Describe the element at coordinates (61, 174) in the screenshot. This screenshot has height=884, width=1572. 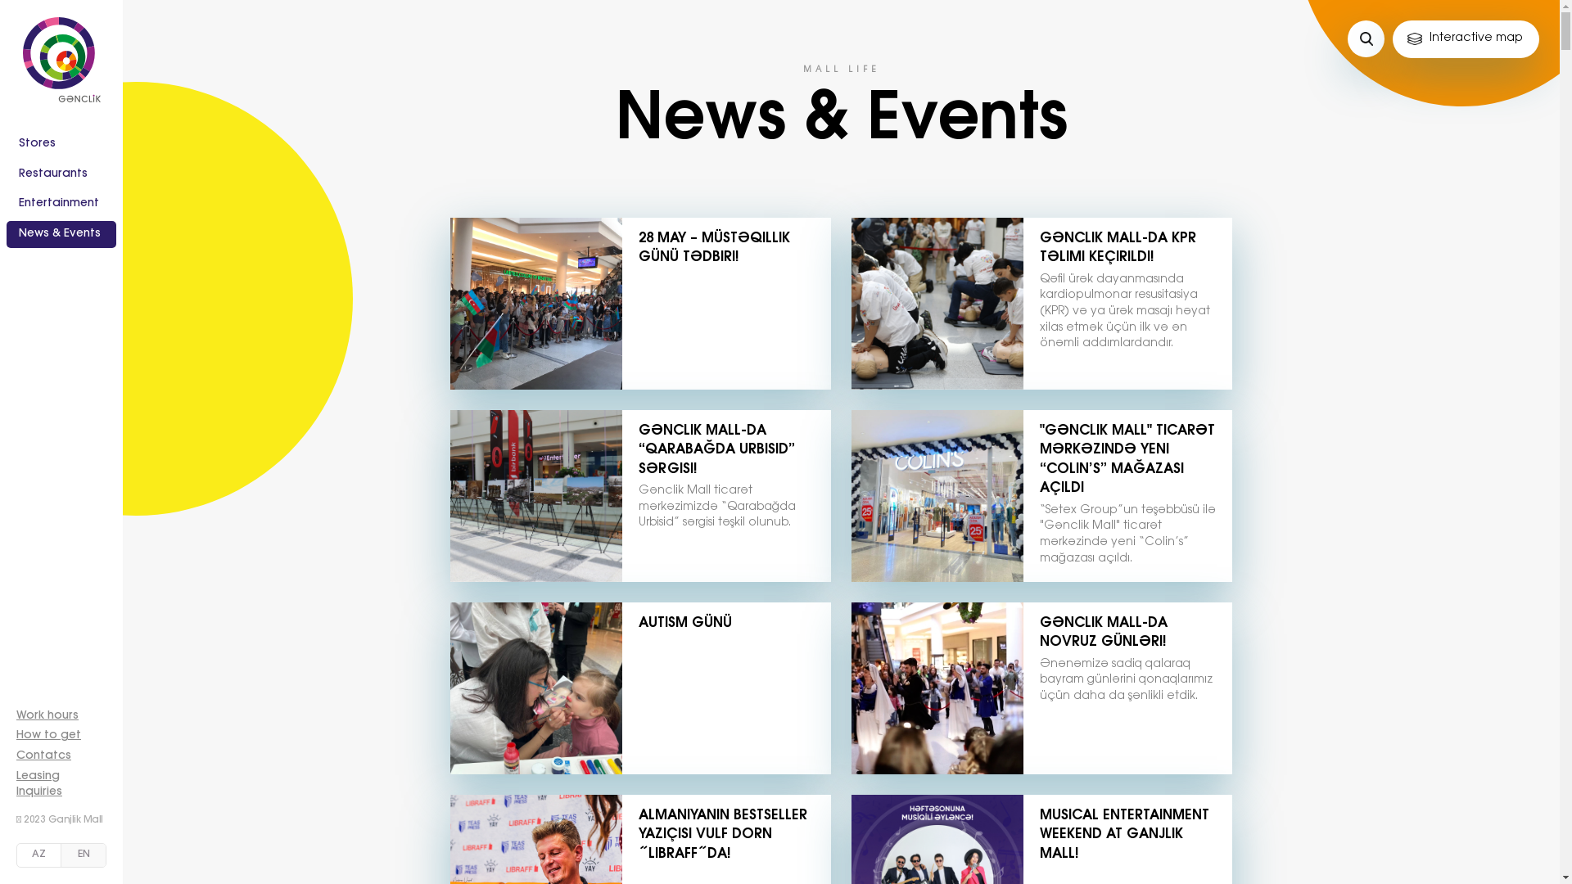
I see `'Restaurants'` at that location.